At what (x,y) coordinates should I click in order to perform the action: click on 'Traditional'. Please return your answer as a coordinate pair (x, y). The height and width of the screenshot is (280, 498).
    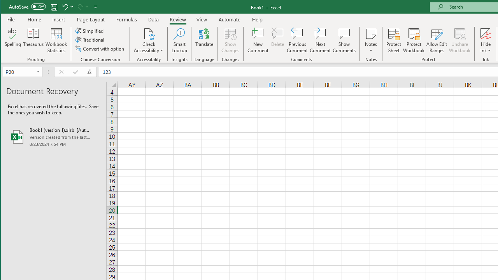
    Looking at the image, I should click on (90, 40).